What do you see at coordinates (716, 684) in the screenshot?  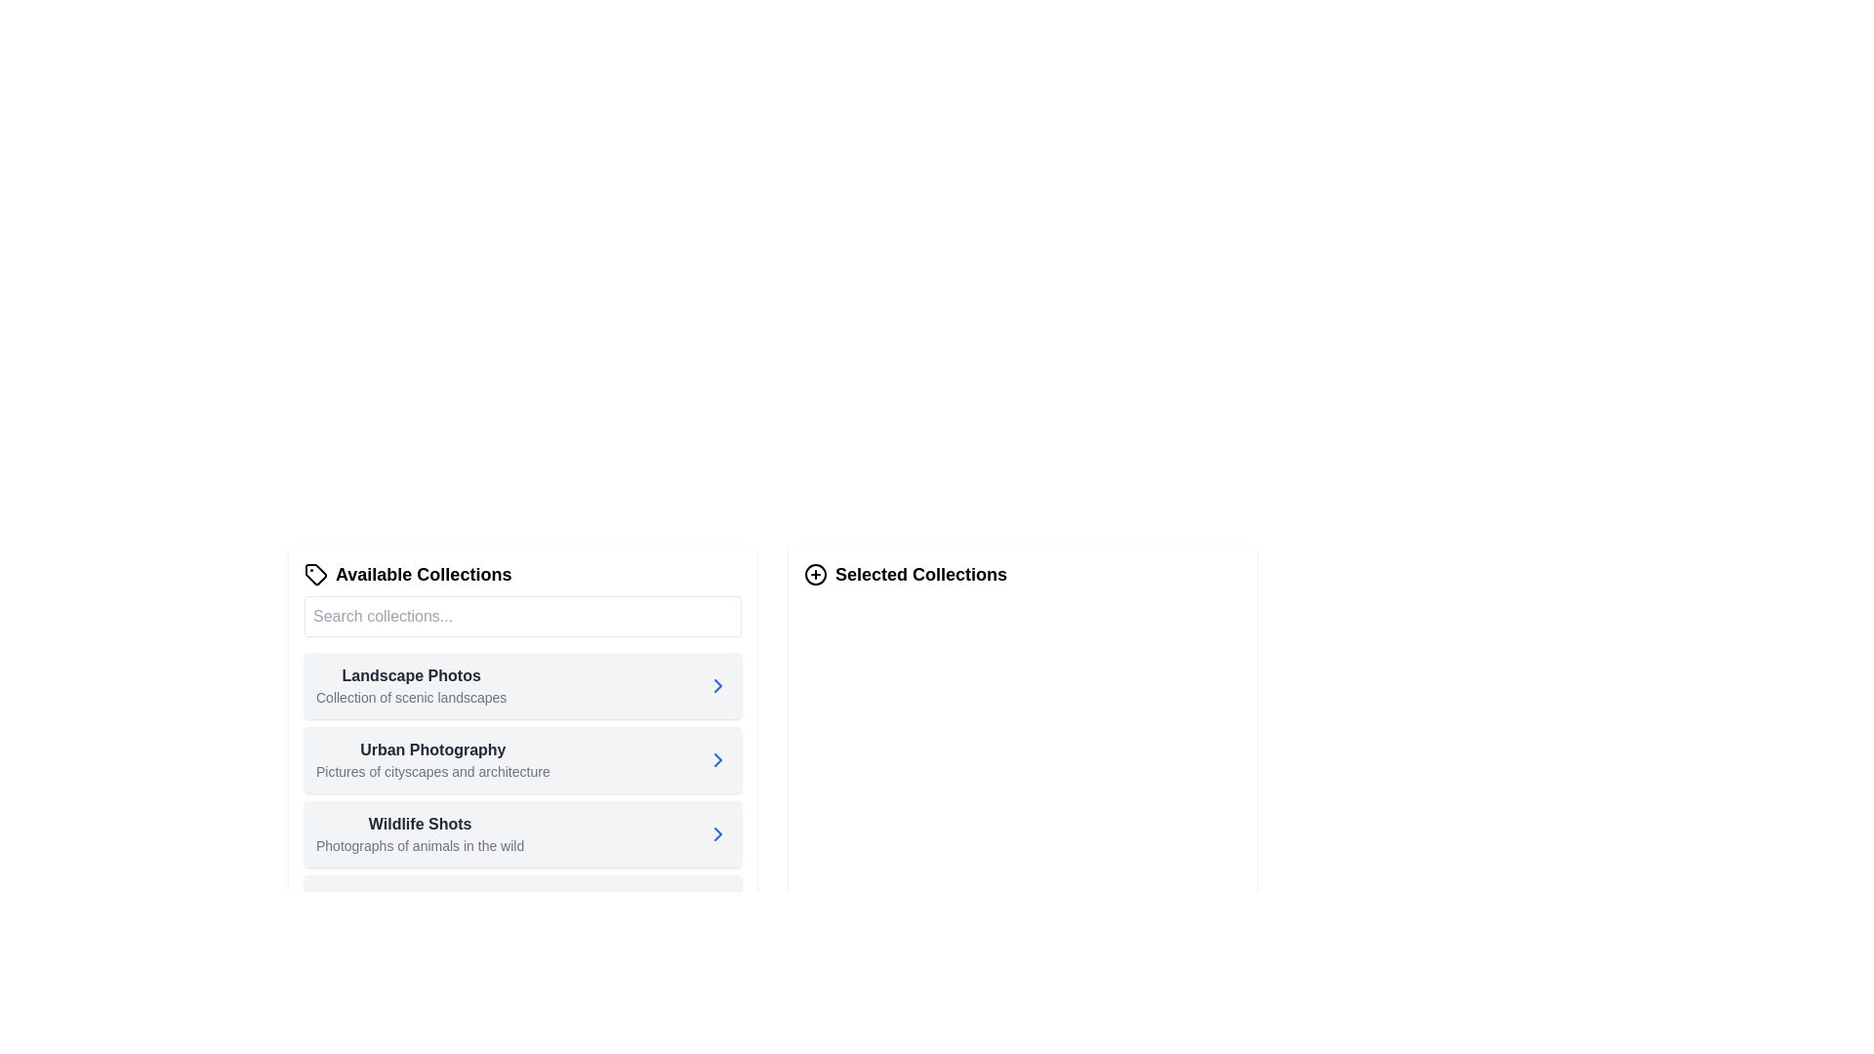 I see `the Chevron icon located at the far-right of the 'Landscape Photos' item in the 'Available Collections' list` at bounding box center [716, 684].